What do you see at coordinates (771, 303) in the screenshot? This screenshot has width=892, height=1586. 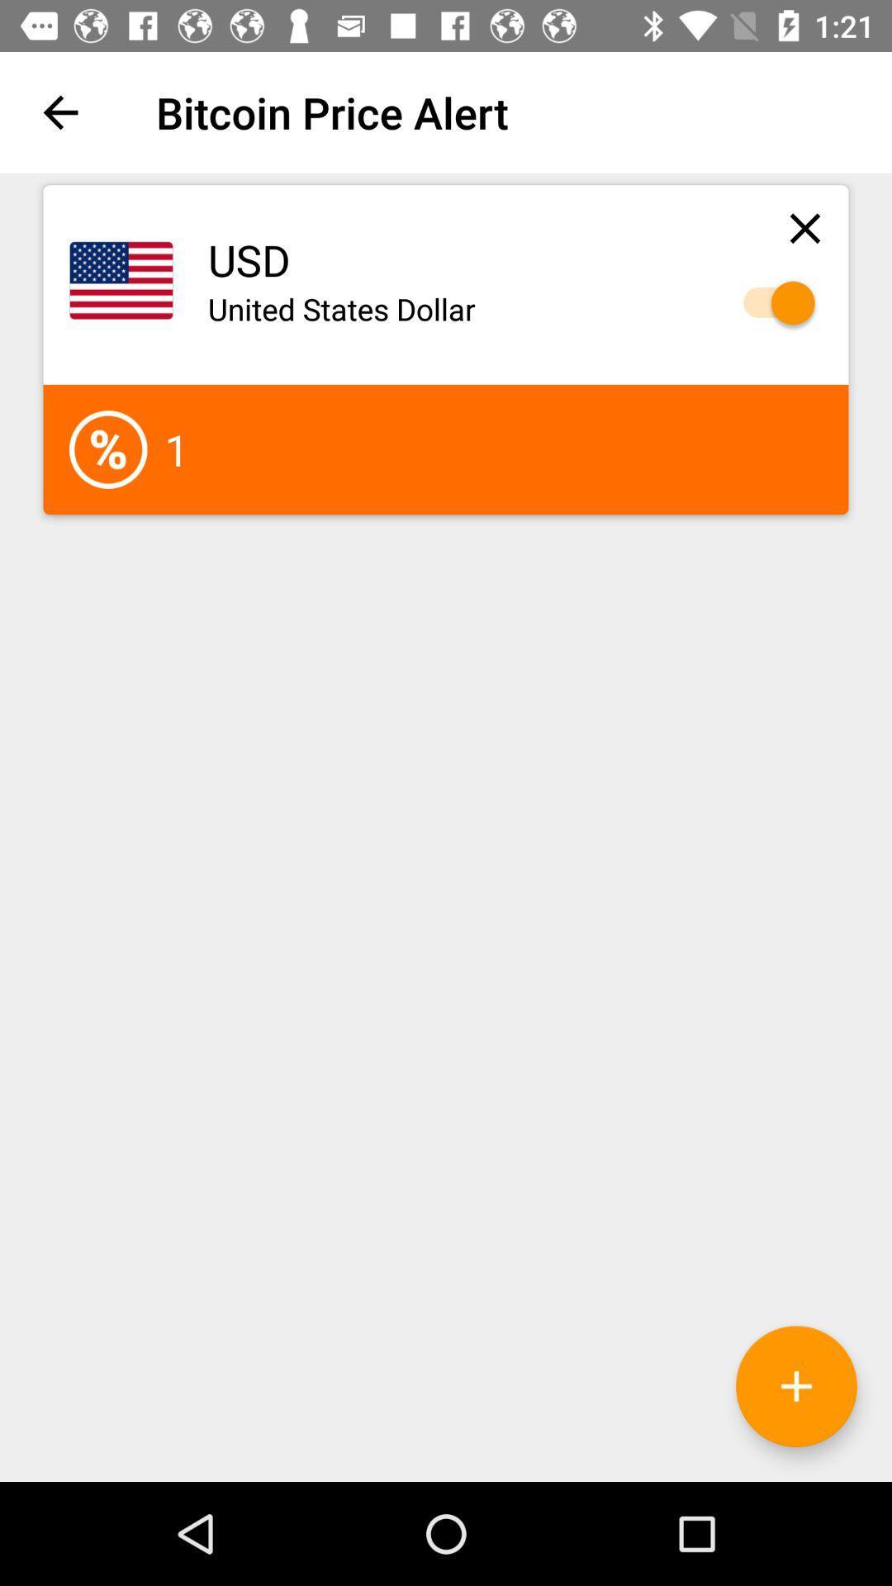 I see `usd off` at bounding box center [771, 303].